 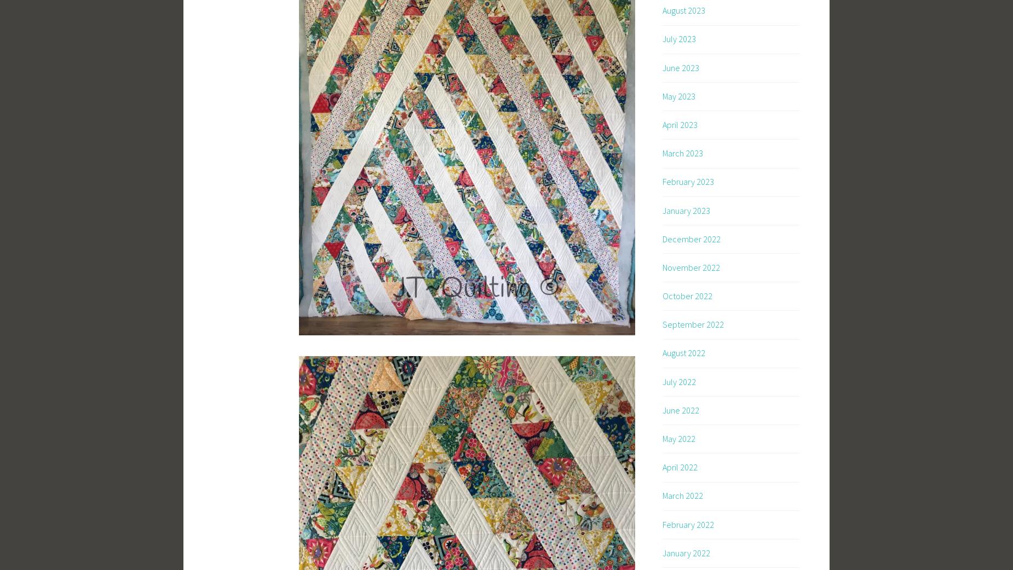 I want to click on 'May 2022', so click(x=678, y=439).